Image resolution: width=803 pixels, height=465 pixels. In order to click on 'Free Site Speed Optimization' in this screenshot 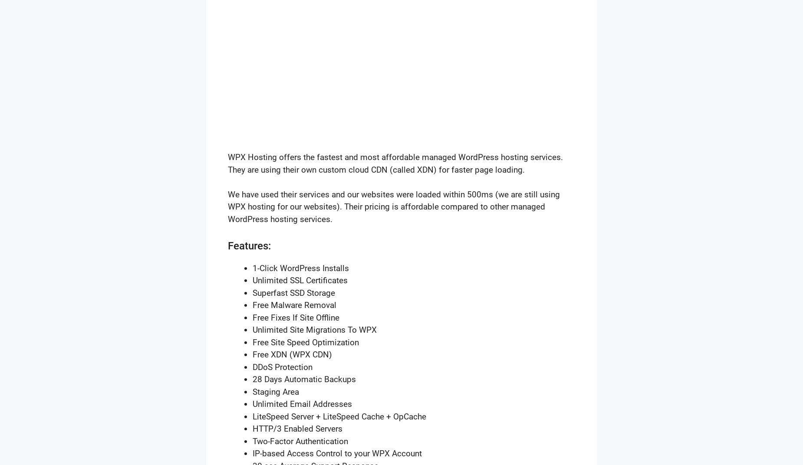, I will do `click(253, 342)`.